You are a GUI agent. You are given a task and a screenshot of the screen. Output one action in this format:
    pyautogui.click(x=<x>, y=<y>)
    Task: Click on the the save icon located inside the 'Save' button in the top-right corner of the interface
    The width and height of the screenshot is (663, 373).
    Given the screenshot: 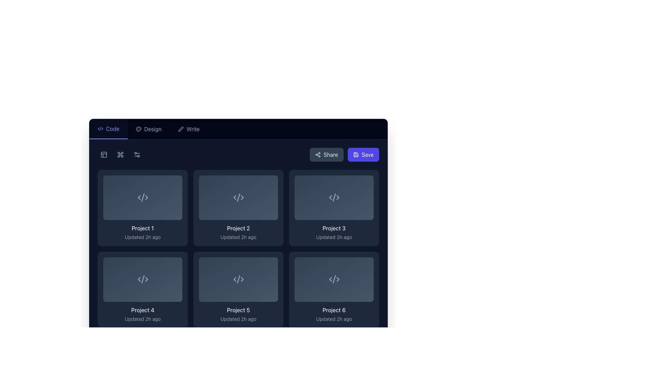 What is the action you would take?
    pyautogui.click(x=356, y=154)
    